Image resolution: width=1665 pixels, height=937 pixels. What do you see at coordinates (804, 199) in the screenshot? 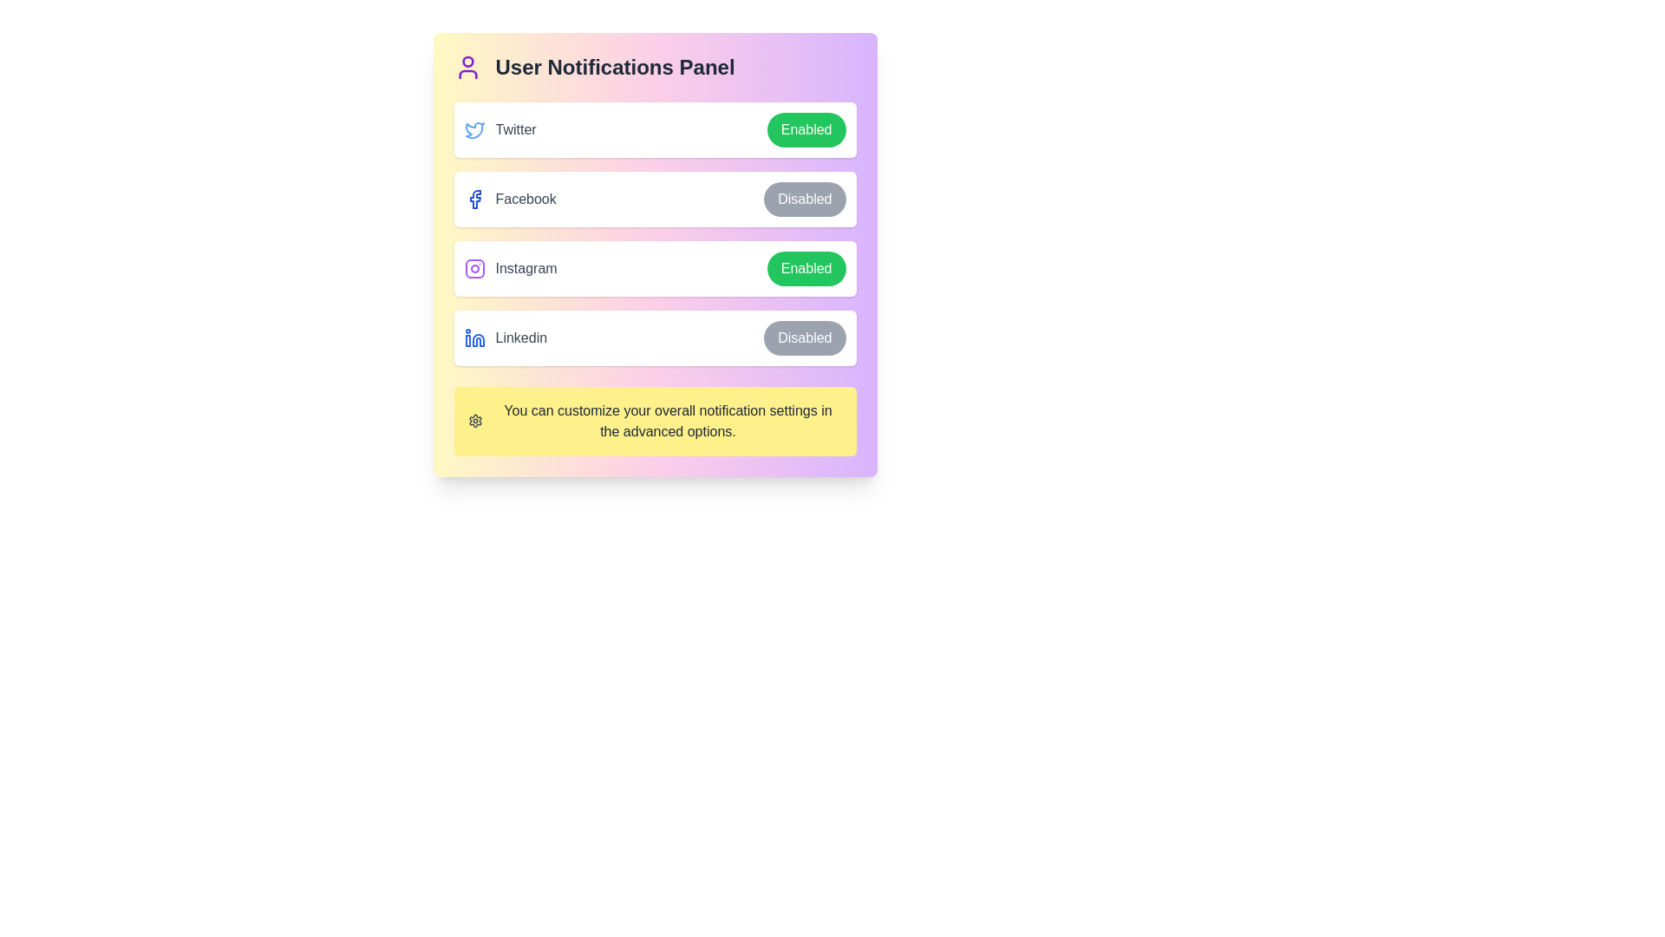
I see `the disabled notification setting button next to the 'Facebook' label` at bounding box center [804, 199].